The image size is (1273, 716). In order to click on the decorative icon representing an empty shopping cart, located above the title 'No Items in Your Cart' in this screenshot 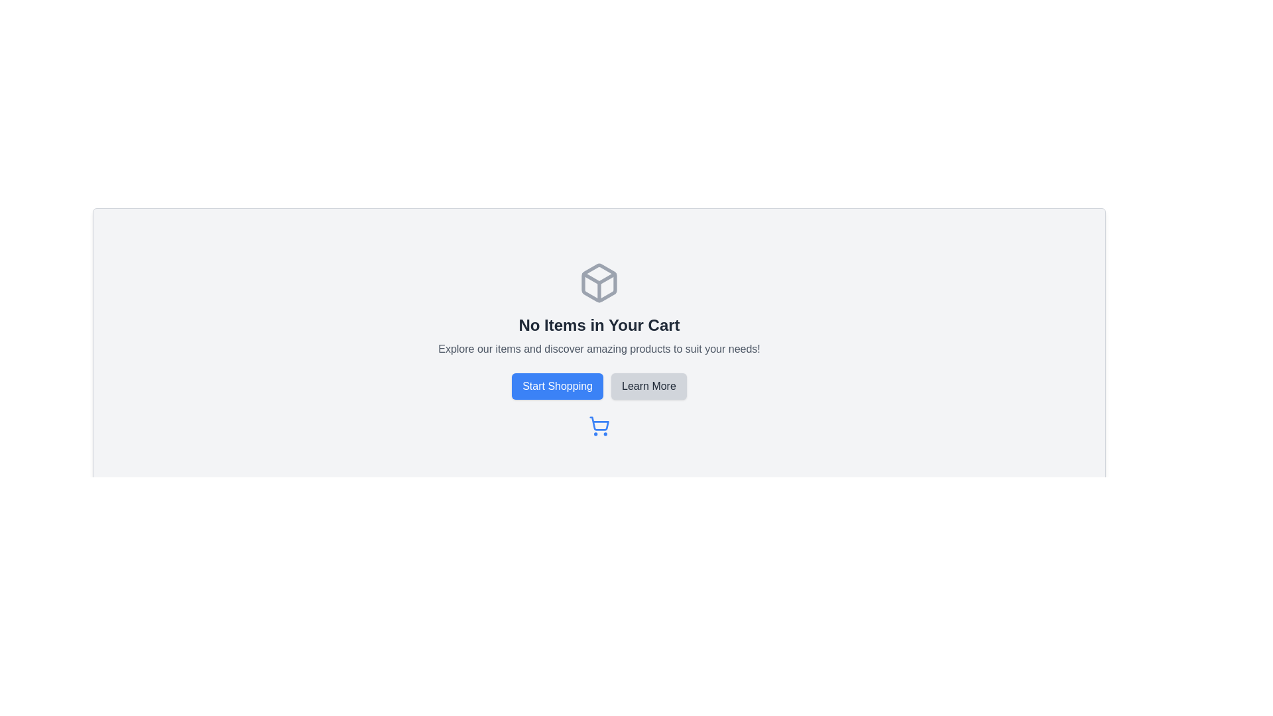, I will do `click(598, 282)`.